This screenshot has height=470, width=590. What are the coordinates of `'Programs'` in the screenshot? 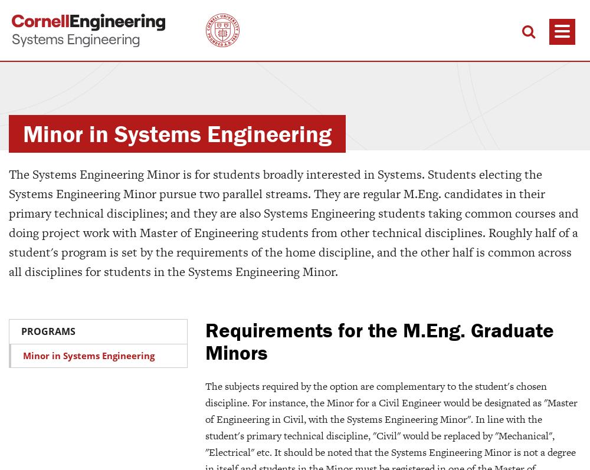 It's located at (48, 330).